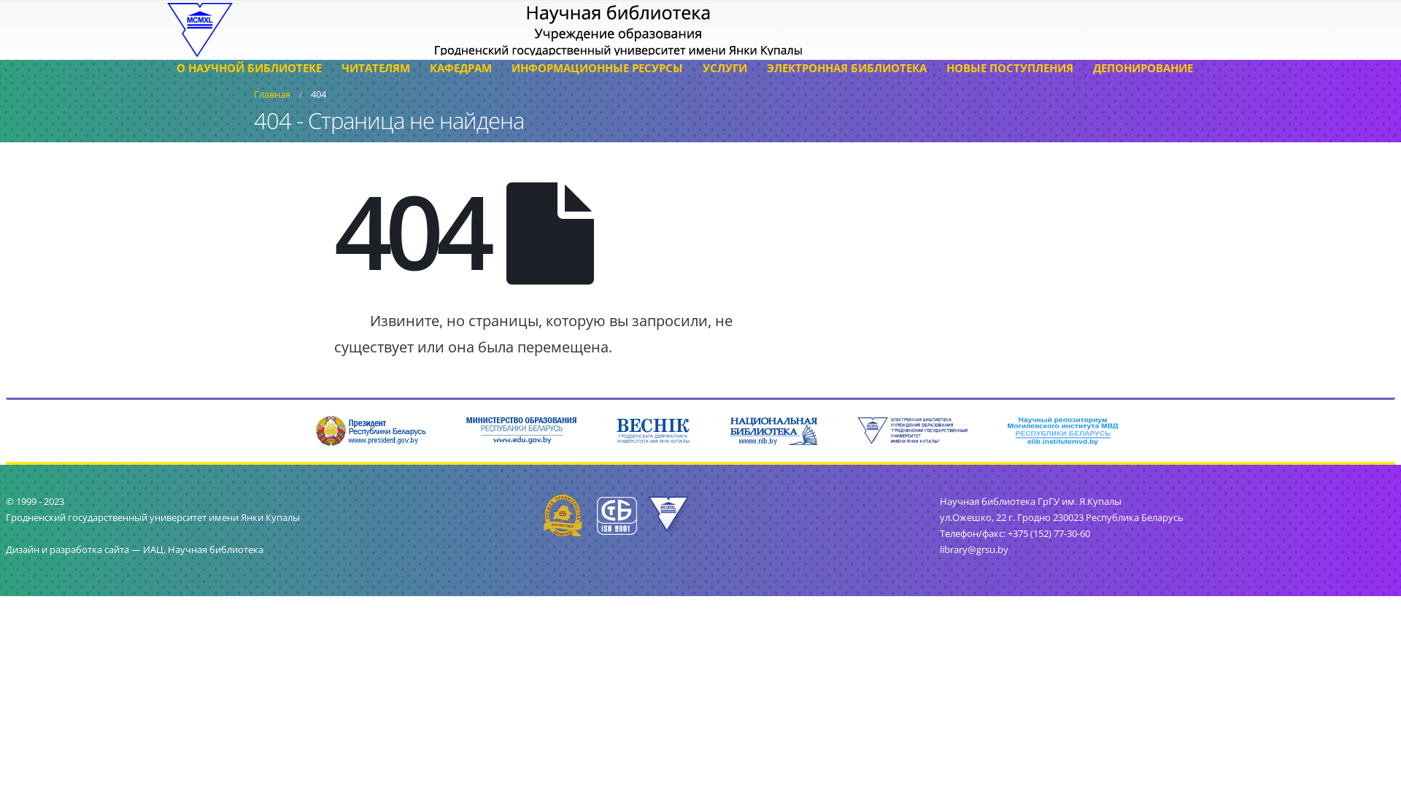  Describe the element at coordinates (973, 549) in the screenshot. I see `'library@grsu.by'` at that location.